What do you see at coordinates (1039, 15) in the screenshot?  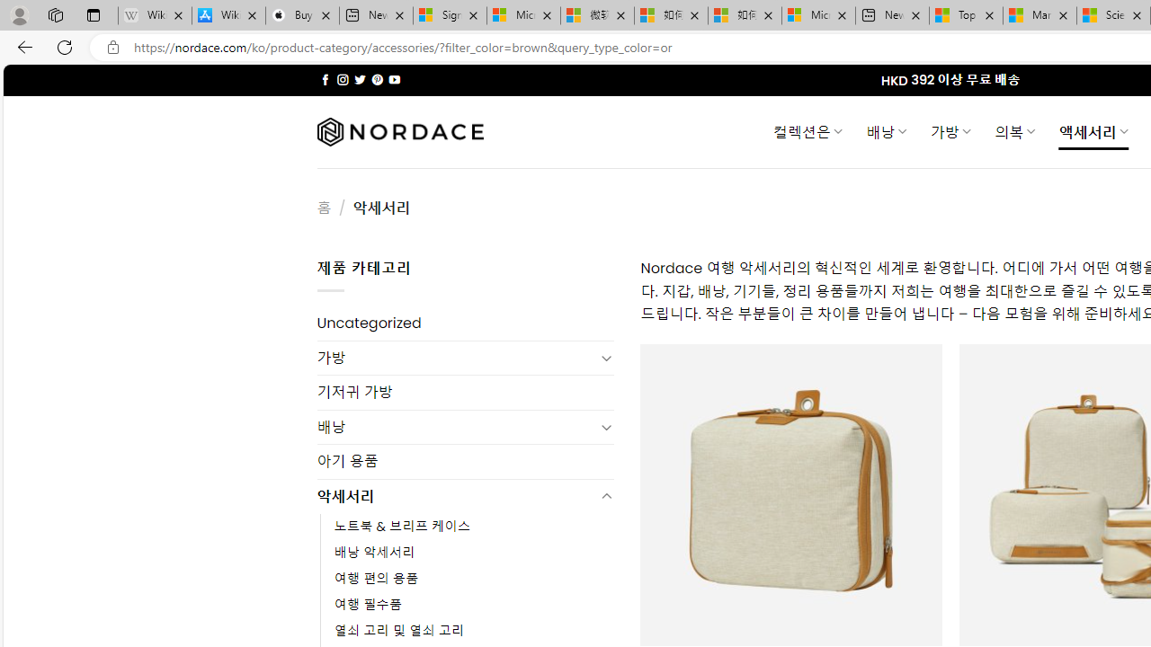 I see `'Marine life - MSN'` at bounding box center [1039, 15].